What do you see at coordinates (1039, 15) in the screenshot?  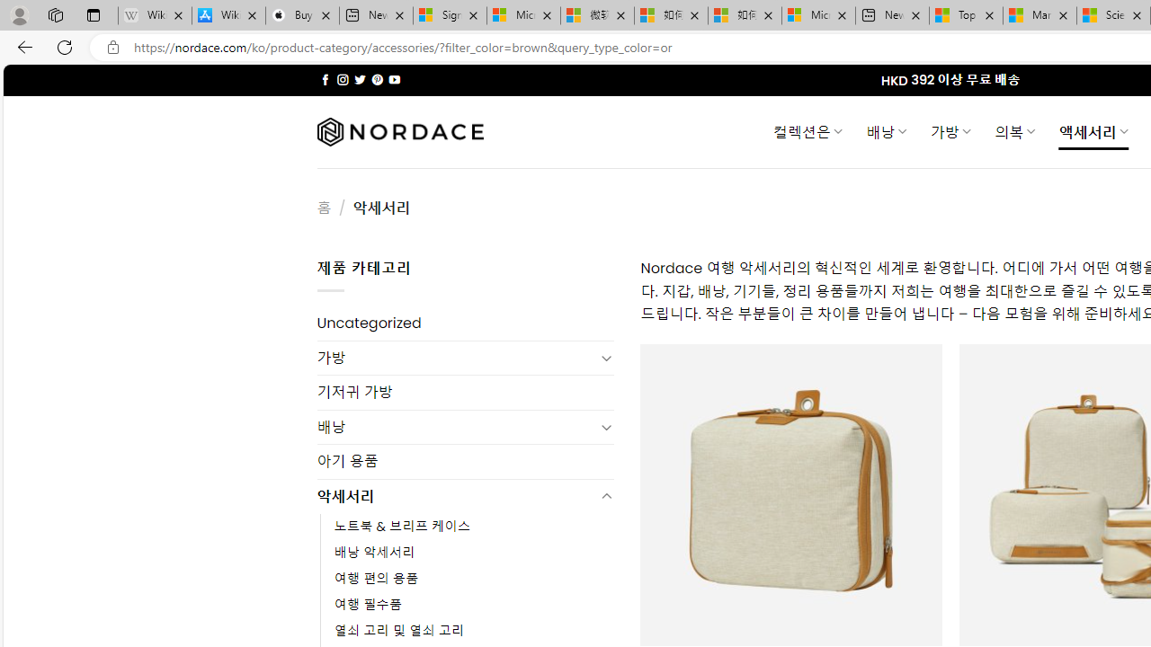 I see `'Marine life - MSN'` at bounding box center [1039, 15].